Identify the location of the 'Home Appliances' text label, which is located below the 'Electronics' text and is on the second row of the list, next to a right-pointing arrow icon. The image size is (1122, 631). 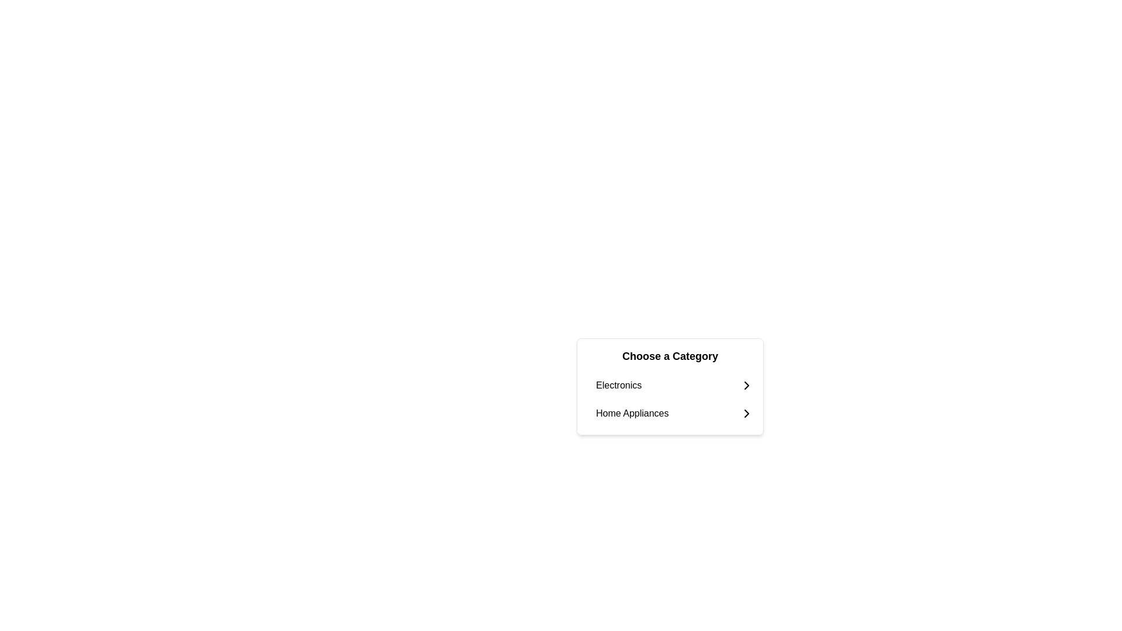
(632, 413).